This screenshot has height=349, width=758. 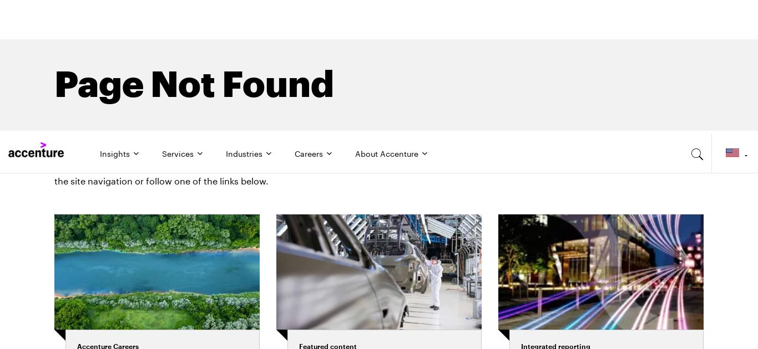 I want to click on 'Every day, in all directions, we measure our success by the value we deliver for all stakeholders.', so click(x=603, y=277).